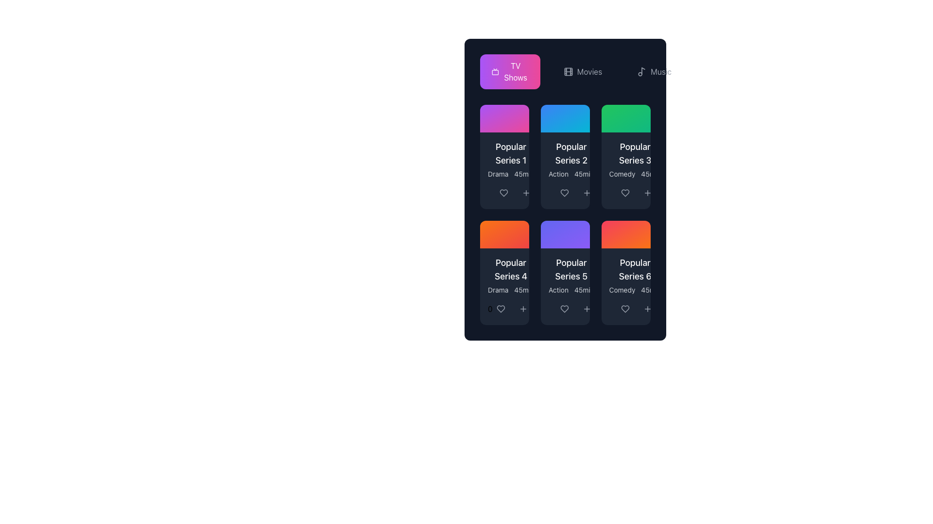  I want to click on the second interactive button with a plus sign icon, located beneath the card for 'Popular Series 2', which is aligned centrally with respect to other buttons in its group, so click(587, 193).